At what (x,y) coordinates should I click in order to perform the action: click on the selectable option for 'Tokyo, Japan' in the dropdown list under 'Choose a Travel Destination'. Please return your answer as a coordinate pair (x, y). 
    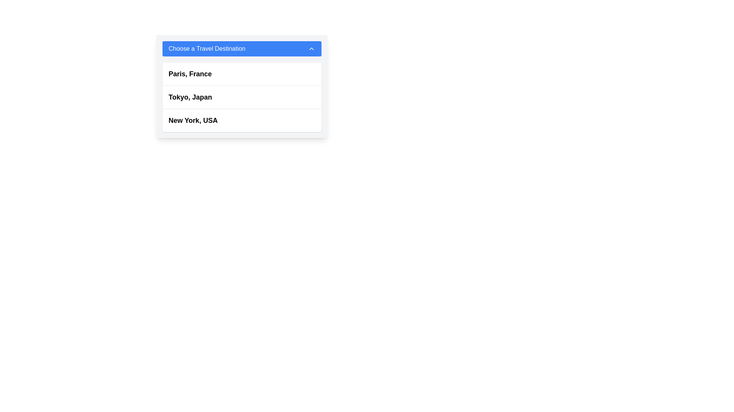
    Looking at the image, I should click on (242, 97).